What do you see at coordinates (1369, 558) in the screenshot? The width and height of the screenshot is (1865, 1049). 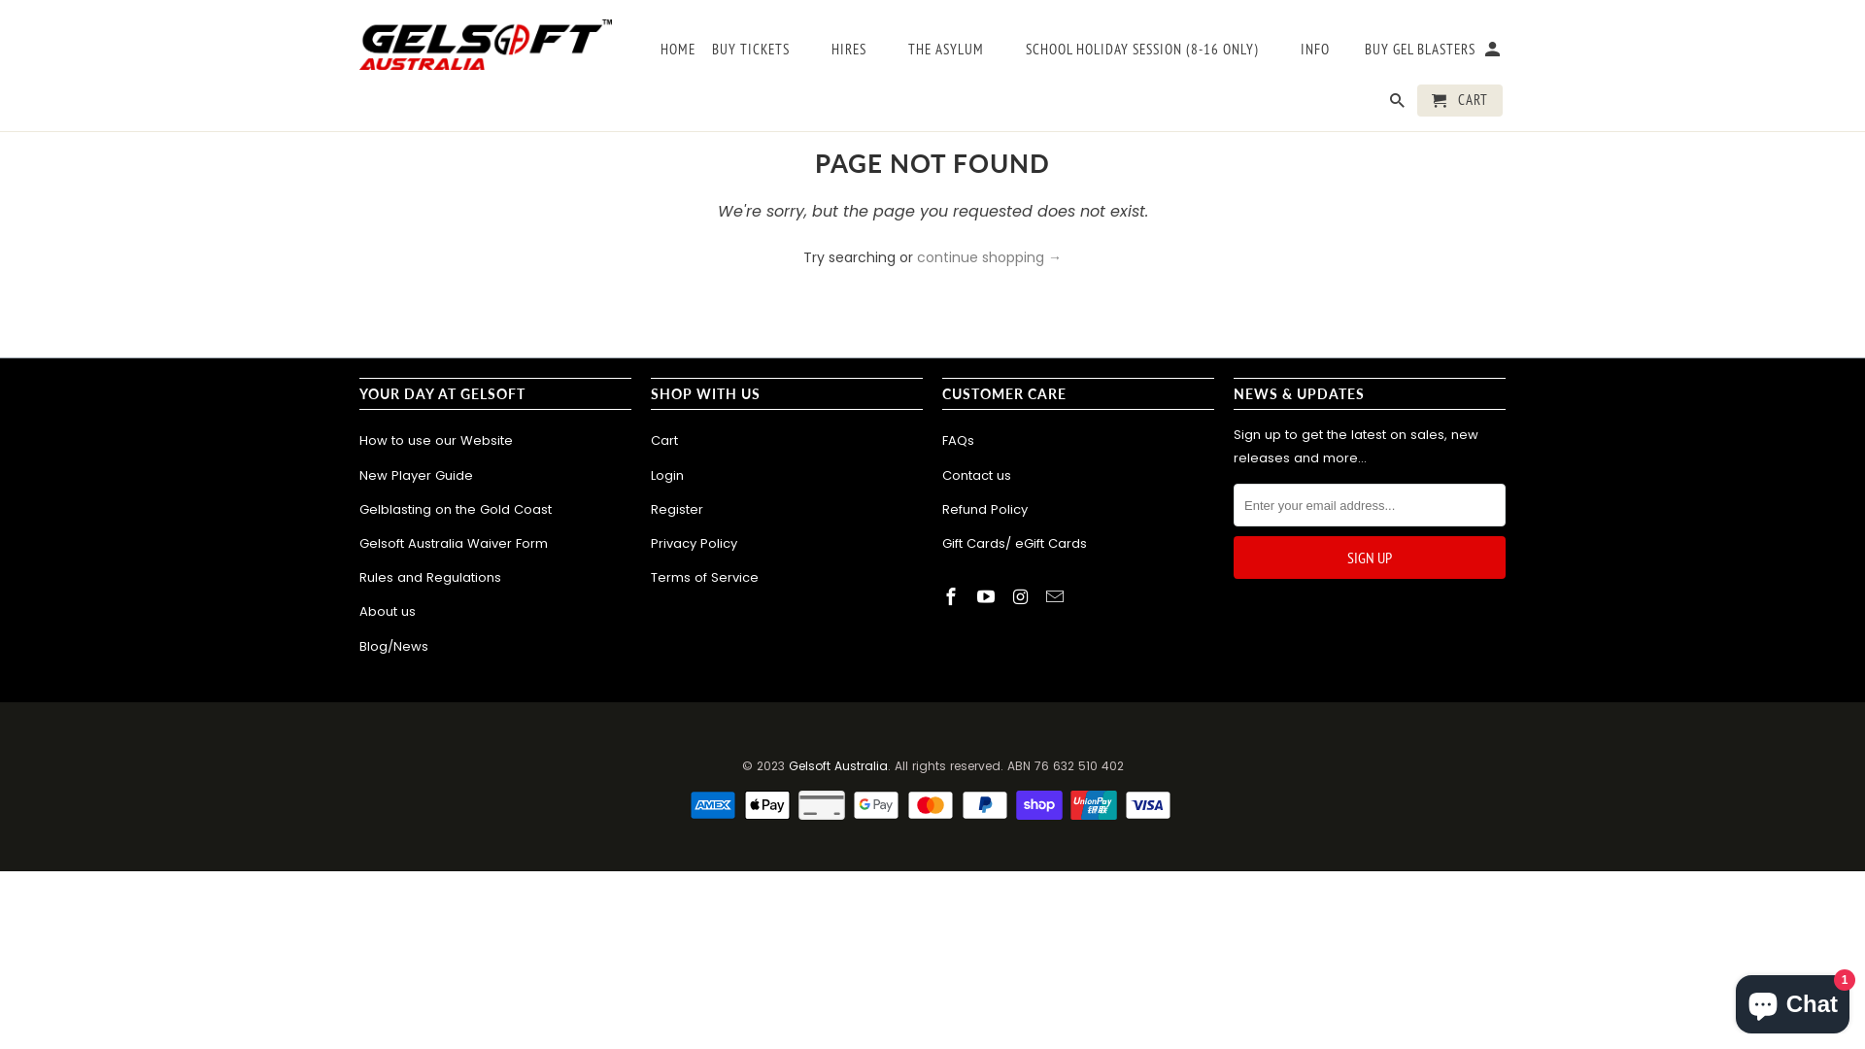 I see `'Sign Up'` at bounding box center [1369, 558].